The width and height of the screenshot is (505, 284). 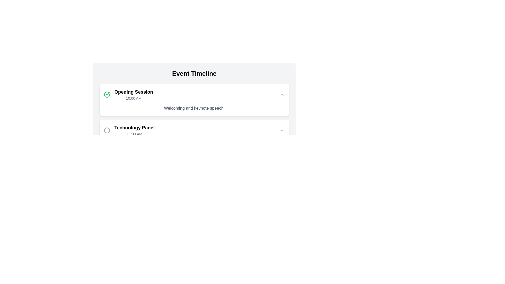 I want to click on text label that displays 'Welcoming and keynote speech.' located below the session title 'Opening Session' and time '10:00 AM' in the timeline card, so click(x=194, y=108).